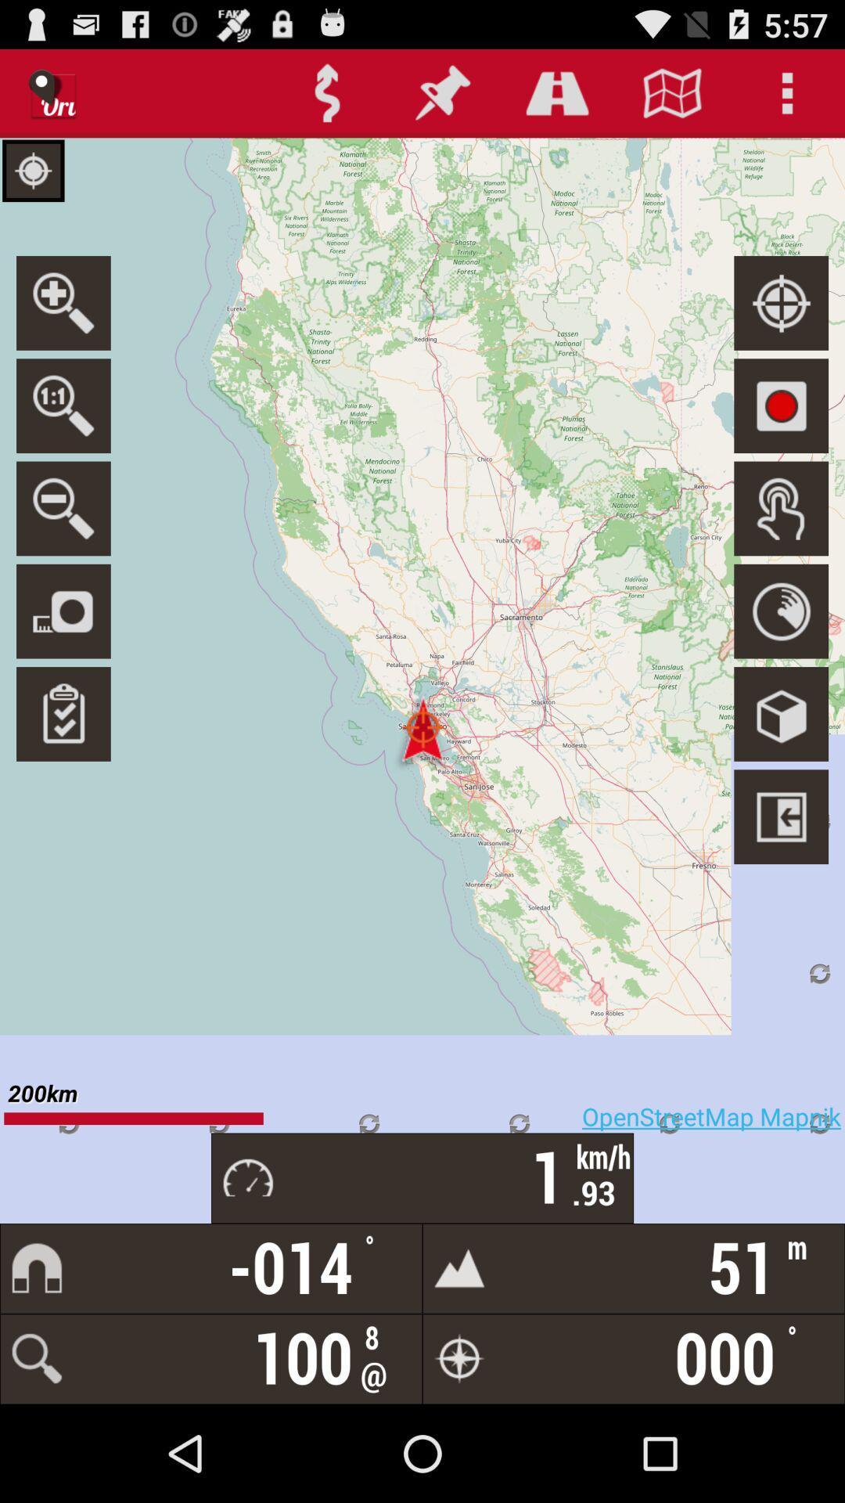  Describe the element at coordinates (781, 434) in the screenshot. I see `the photo icon` at that location.